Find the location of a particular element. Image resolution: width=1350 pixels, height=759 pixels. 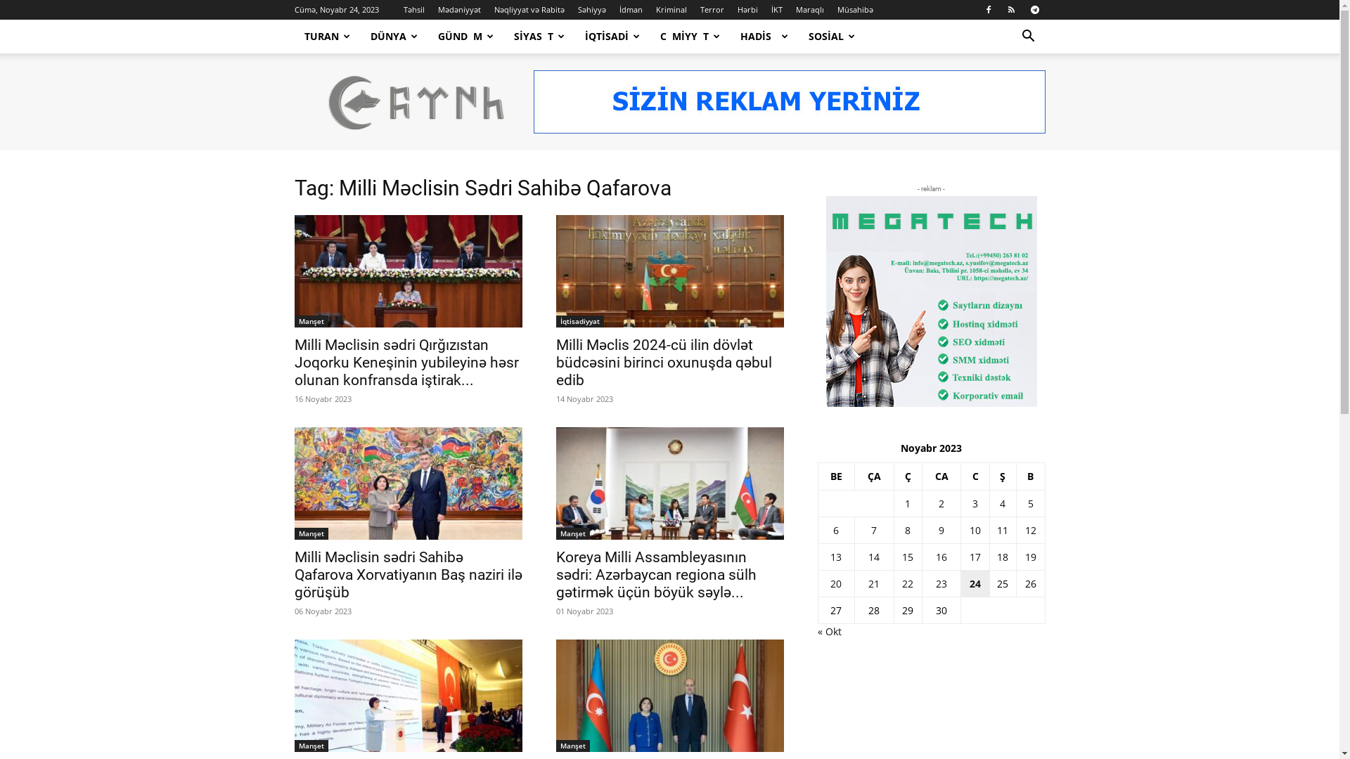

'16' is located at coordinates (941, 556).